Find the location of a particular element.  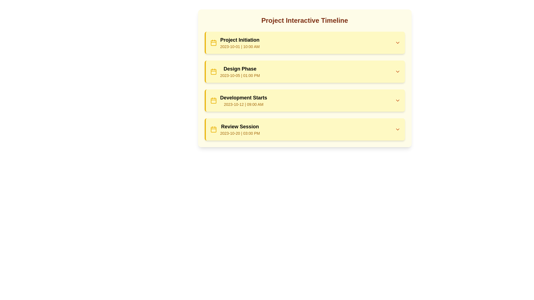

the rectangular shape with rounded corners within the calendar icon, located in the 'Development Starts' timeline entry before the descriptive text is located at coordinates (213, 101).